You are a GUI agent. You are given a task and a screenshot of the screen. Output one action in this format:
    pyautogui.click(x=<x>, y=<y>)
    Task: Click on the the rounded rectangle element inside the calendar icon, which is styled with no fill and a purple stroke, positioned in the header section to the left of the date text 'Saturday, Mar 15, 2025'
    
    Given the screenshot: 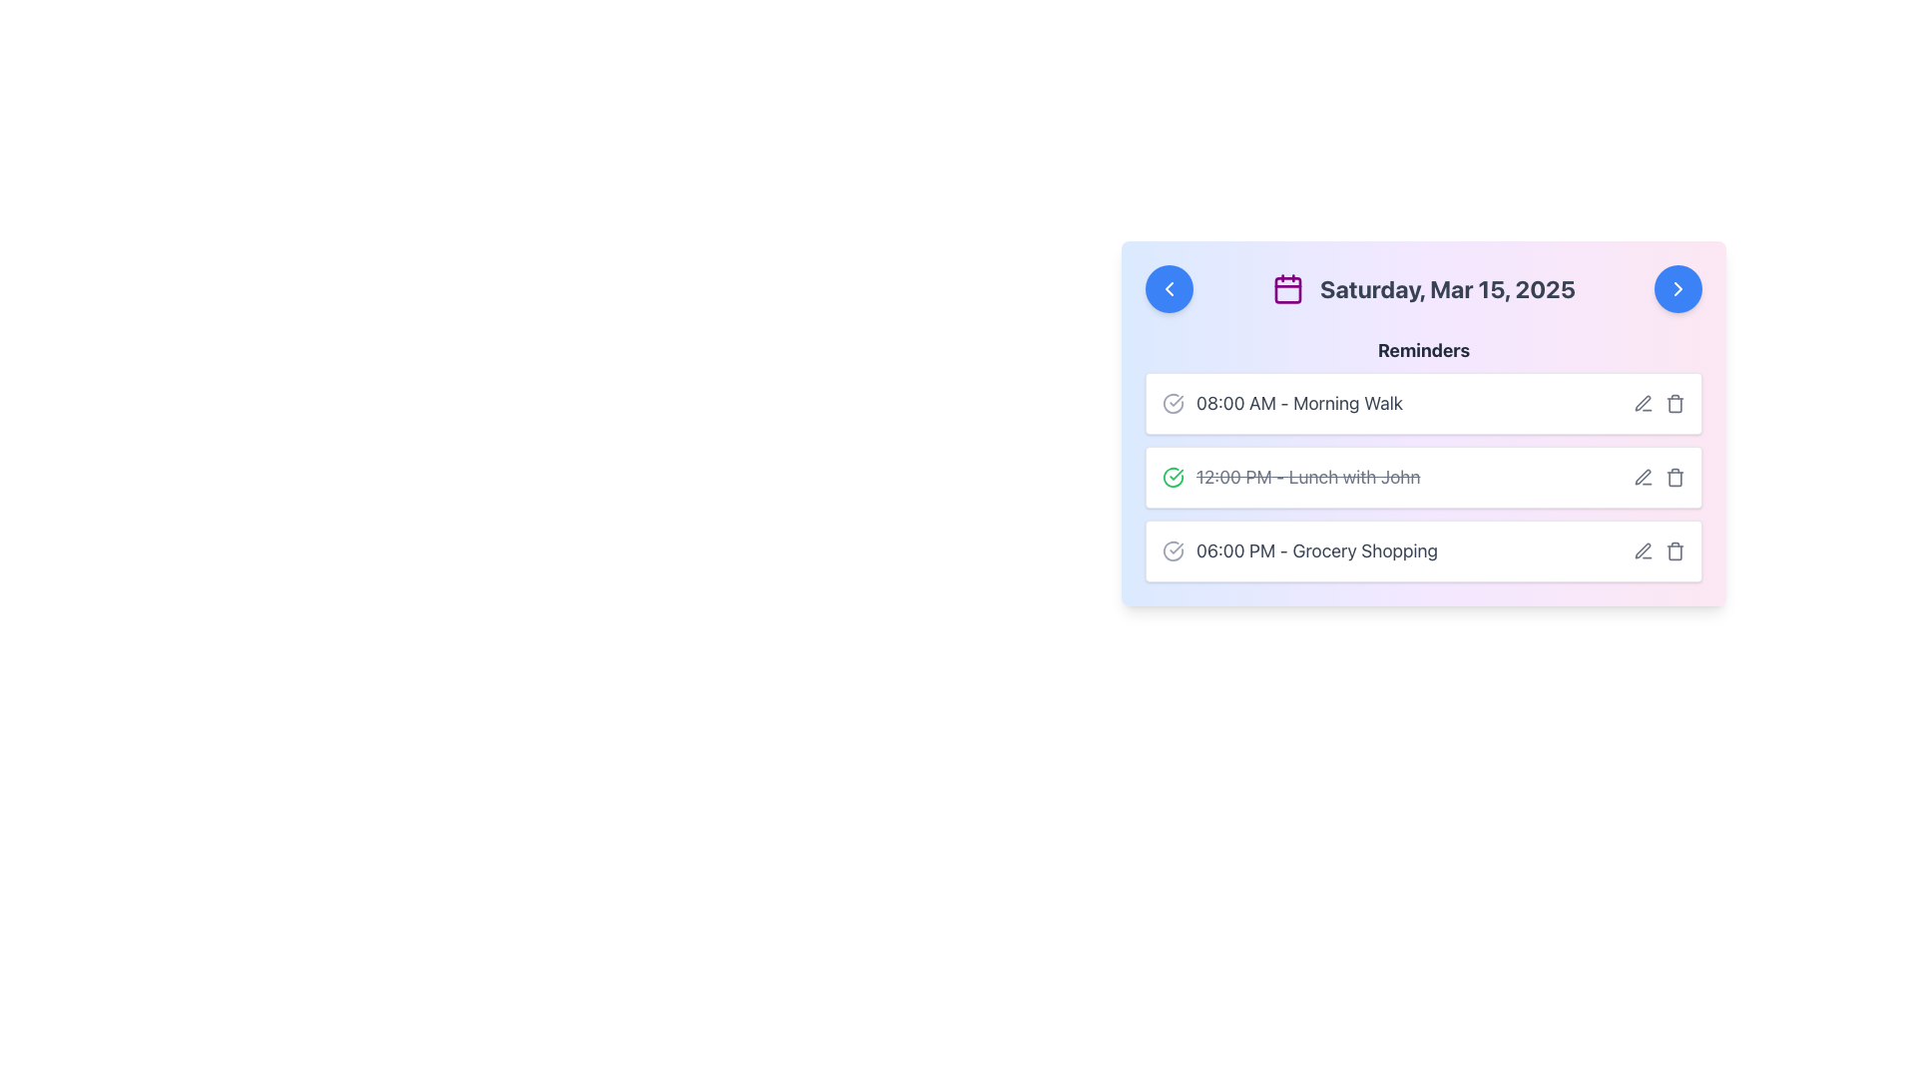 What is the action you would take?
    pyautogui.click(x=1288, y=290)
    